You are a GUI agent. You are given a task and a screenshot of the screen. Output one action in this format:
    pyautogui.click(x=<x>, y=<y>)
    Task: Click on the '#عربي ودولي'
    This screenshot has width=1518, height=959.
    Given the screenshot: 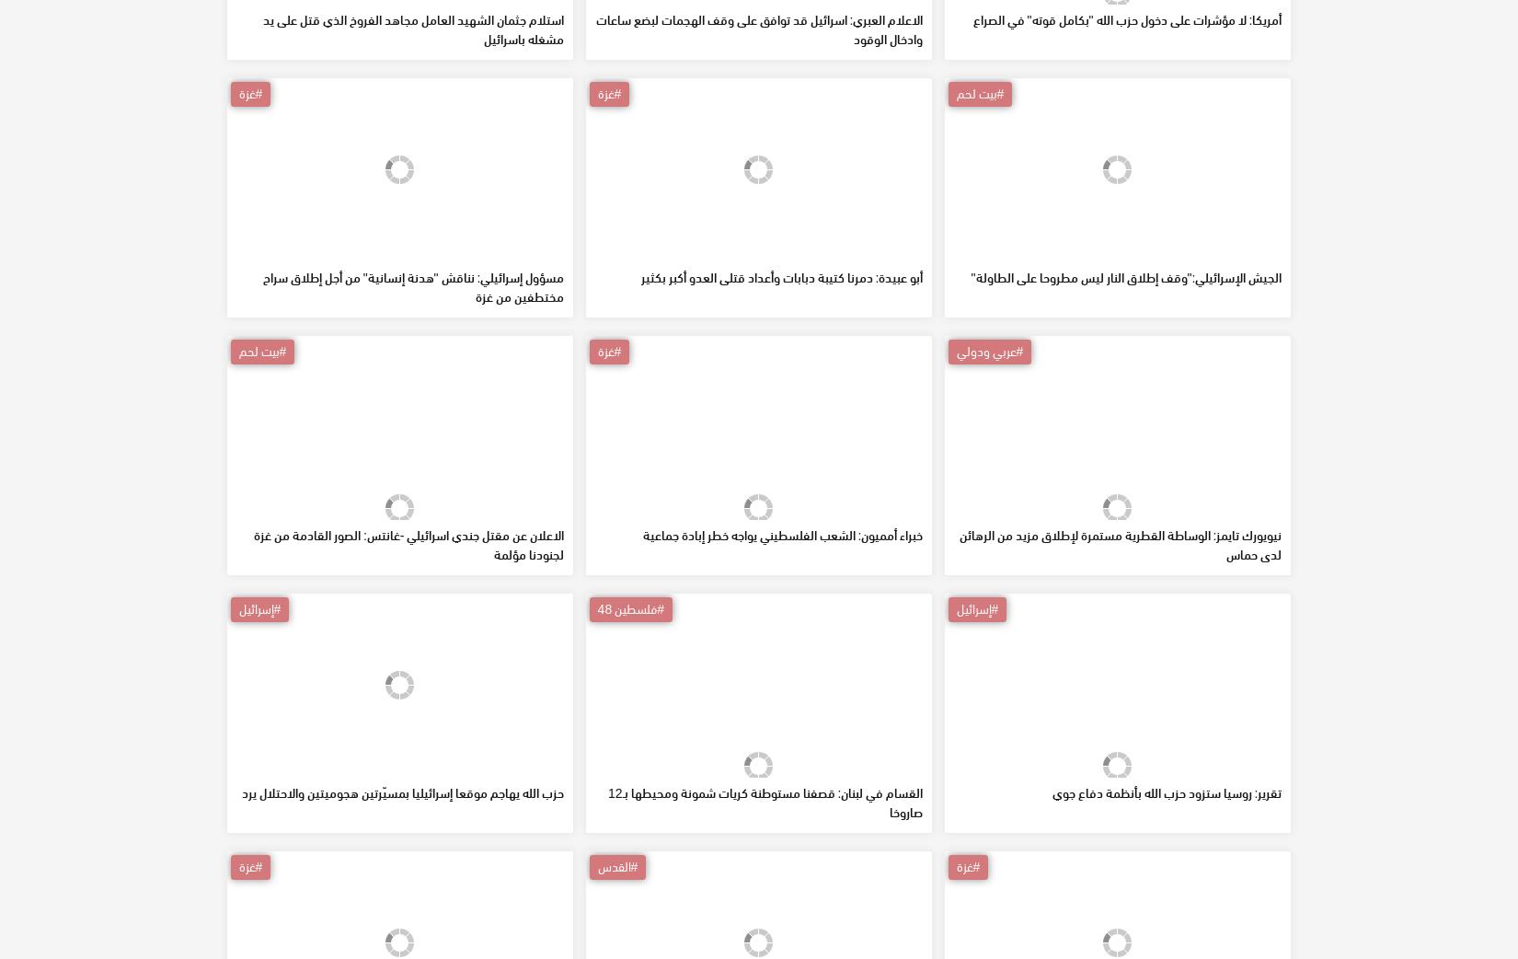 What is the action you would take?
    pyautogui.click(x=956, y=482)
    